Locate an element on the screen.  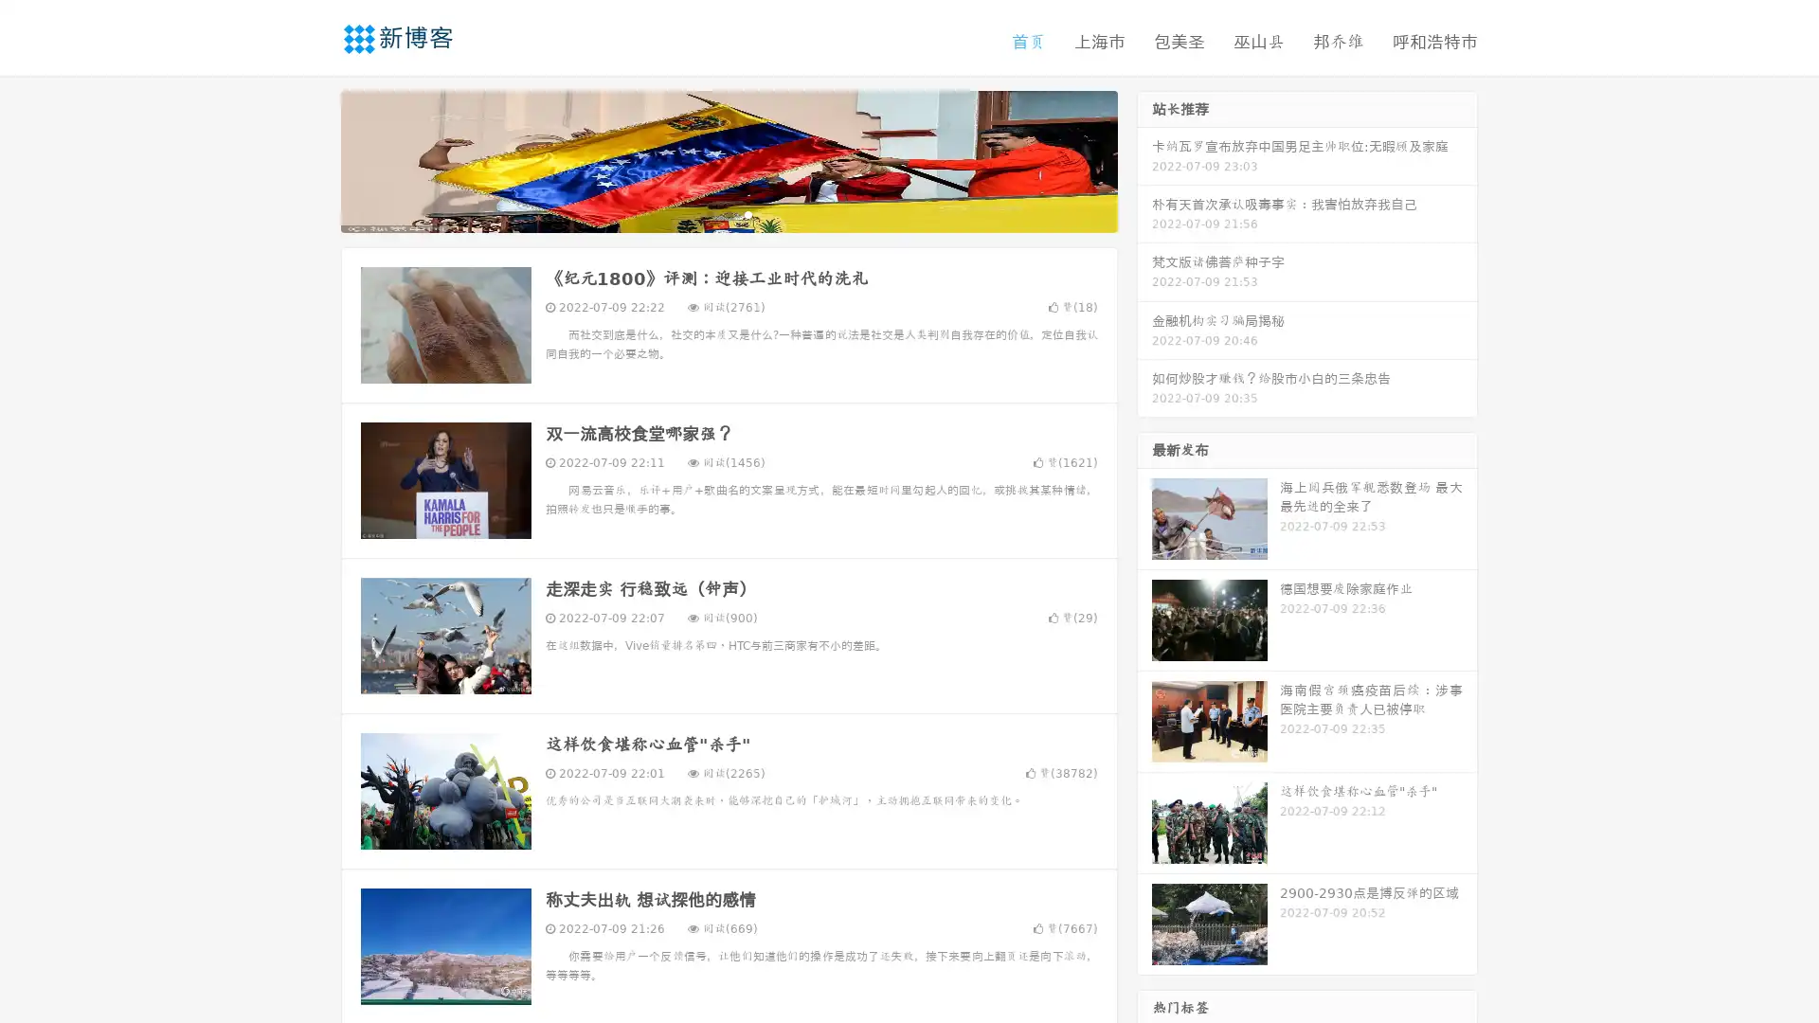
Go to slide 2 is located at coordinates (728, 213).